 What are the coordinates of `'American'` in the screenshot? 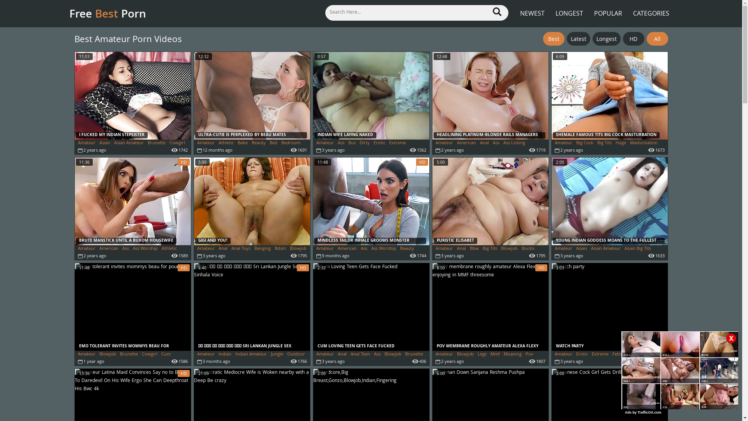 It's located at (346, 249).